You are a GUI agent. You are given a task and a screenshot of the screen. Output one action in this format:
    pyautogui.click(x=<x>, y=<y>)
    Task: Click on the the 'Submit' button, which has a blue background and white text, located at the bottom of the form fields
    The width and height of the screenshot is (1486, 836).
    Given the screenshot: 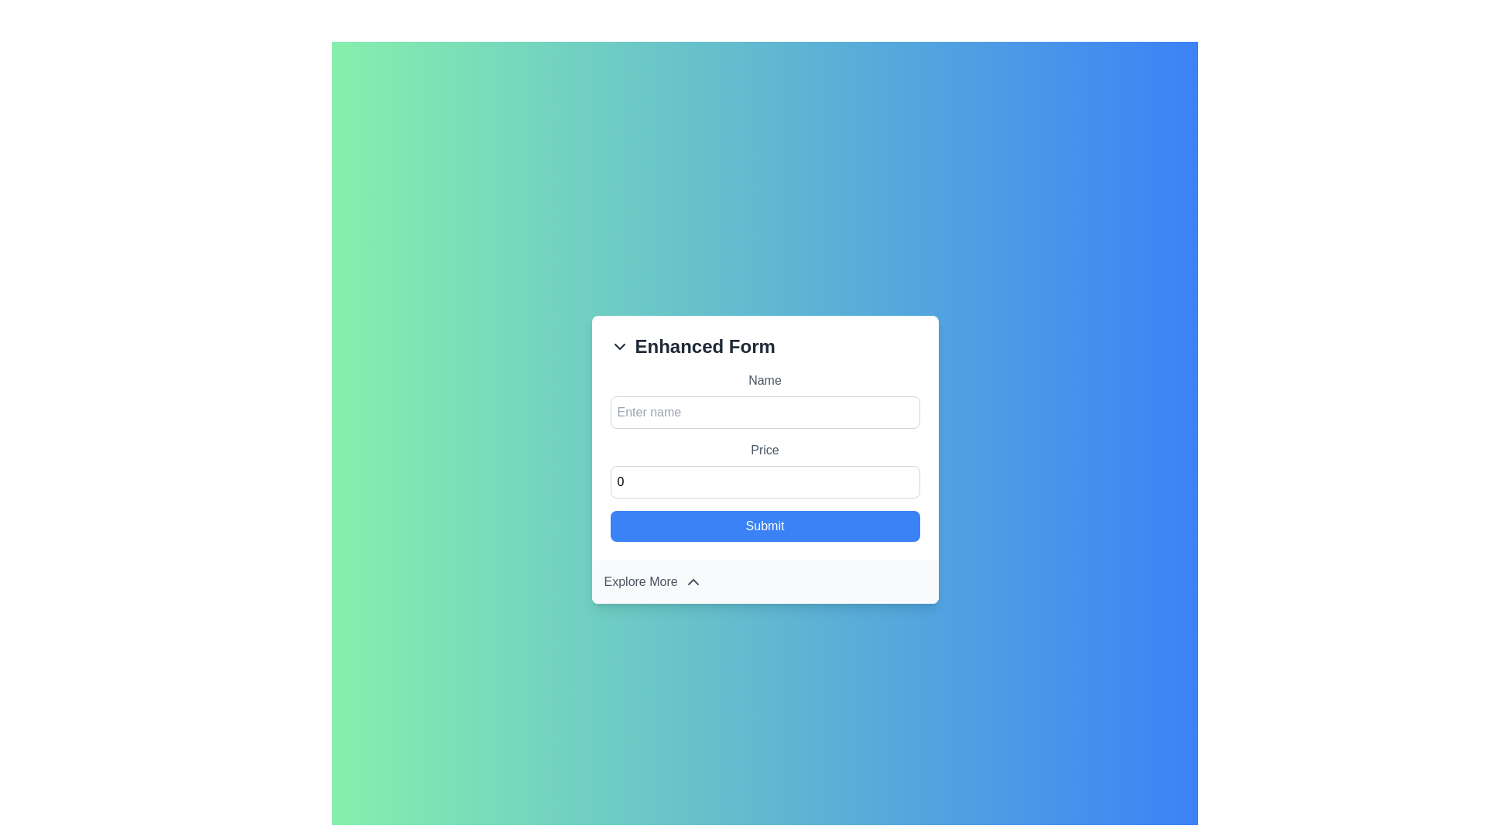 What is the action you would take?
    pyautogui.click(x=765, y=525)
    